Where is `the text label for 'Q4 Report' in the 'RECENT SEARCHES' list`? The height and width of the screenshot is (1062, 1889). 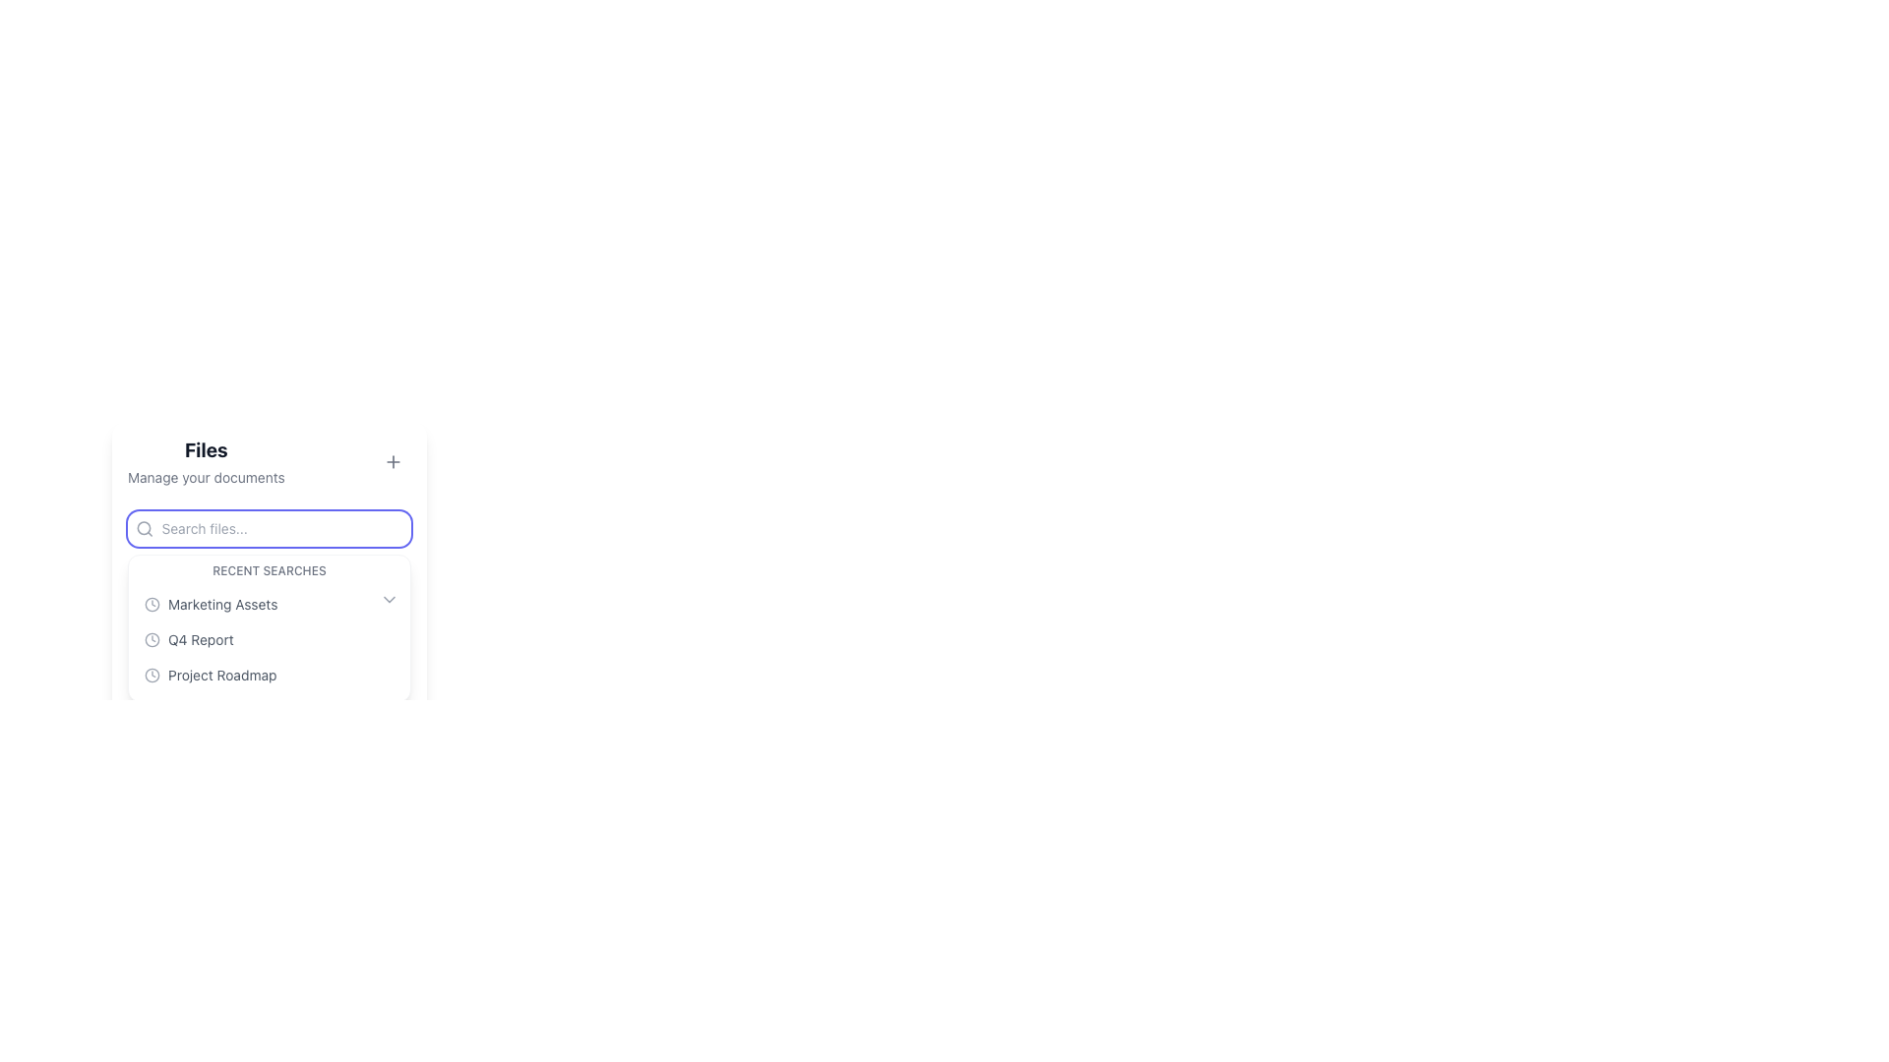
the text label for 'Q4 Report' in the 'RECENT SEARCHES' list is located at coordinates (201, 640).